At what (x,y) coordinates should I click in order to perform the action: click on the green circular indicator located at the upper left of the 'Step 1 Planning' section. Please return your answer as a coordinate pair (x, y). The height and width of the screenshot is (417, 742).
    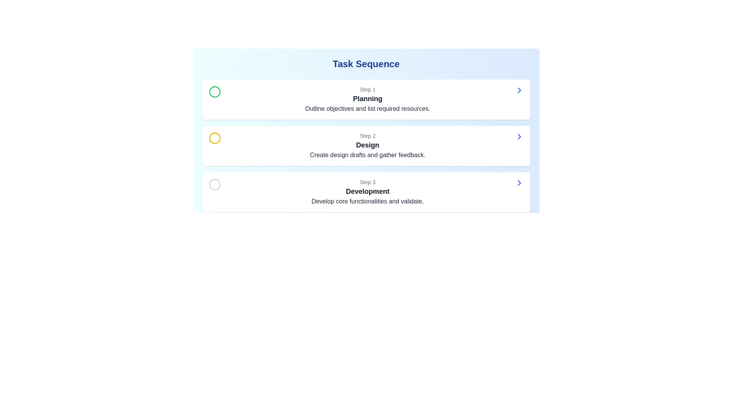
    Looking at the image, I should click on (214, 92).